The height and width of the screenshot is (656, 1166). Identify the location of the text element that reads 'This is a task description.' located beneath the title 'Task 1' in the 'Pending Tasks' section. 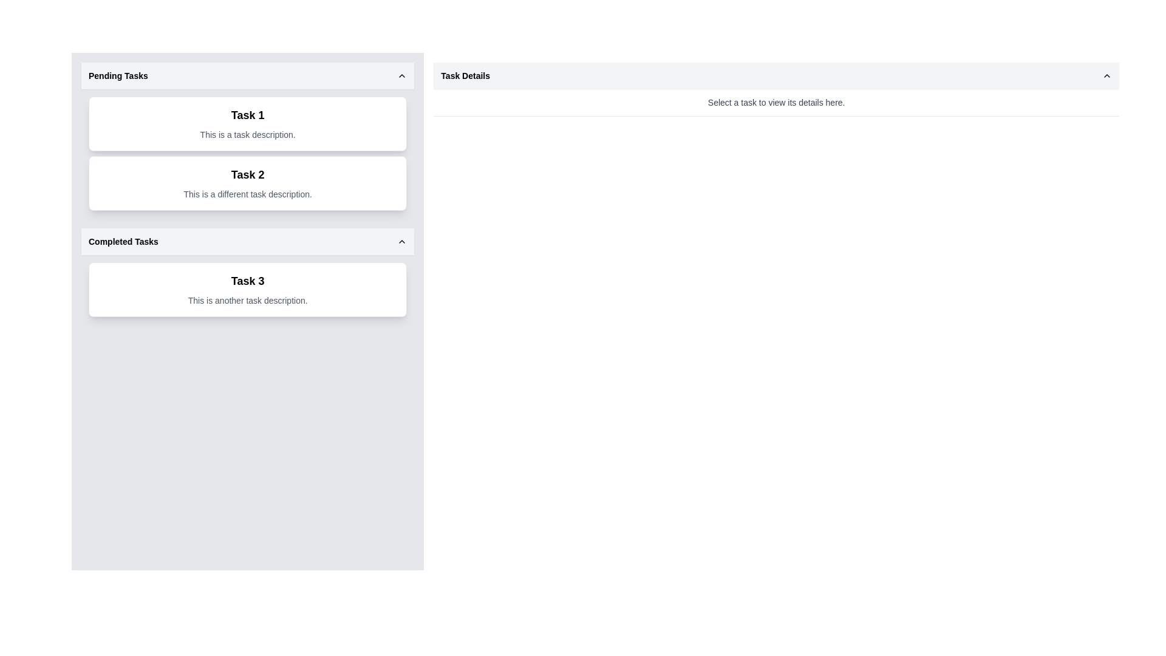
(247, 135).